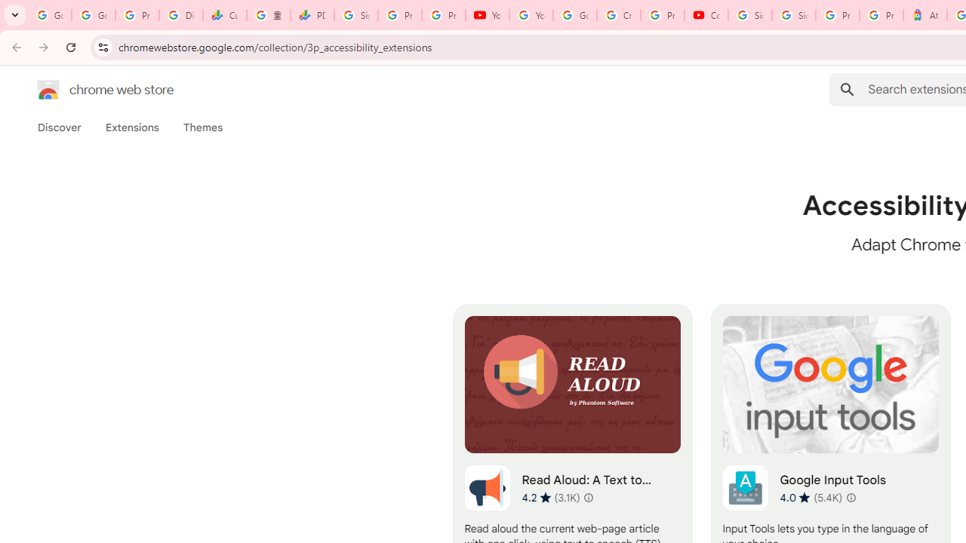  I want to click on 'Chrome Web Store logo chrome web store', so click(89, 90).